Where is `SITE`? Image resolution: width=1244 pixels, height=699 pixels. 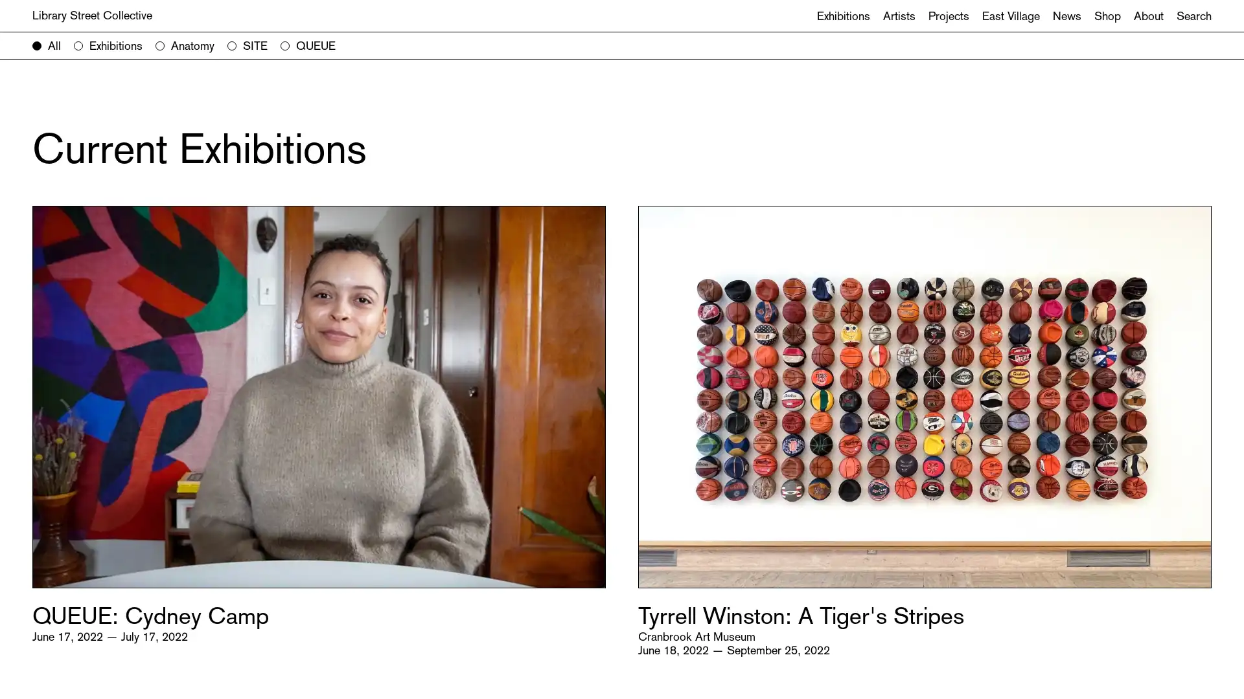
SITE is located at coordinates (248, 45).